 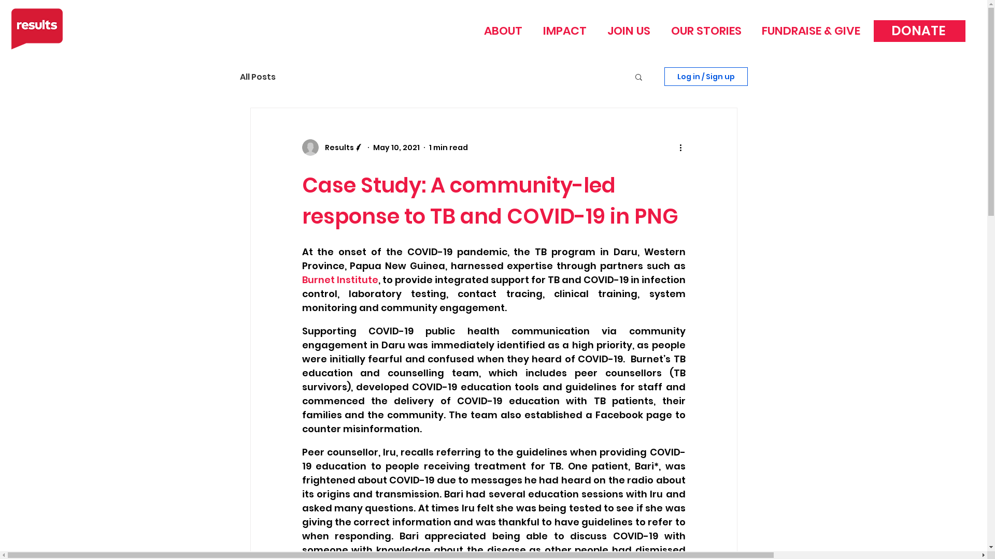 I want to click on 'Log in / Sign up', so click(x=705, y=76).